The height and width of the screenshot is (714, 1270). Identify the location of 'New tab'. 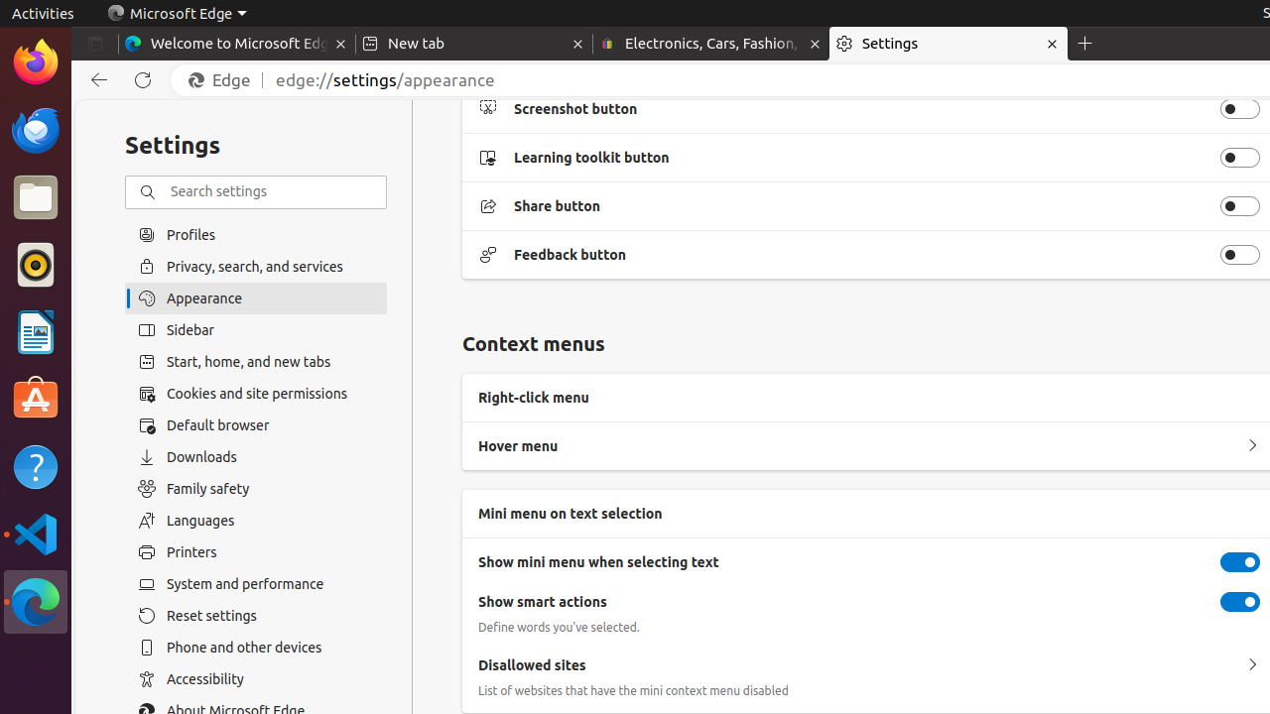
(472, 44).